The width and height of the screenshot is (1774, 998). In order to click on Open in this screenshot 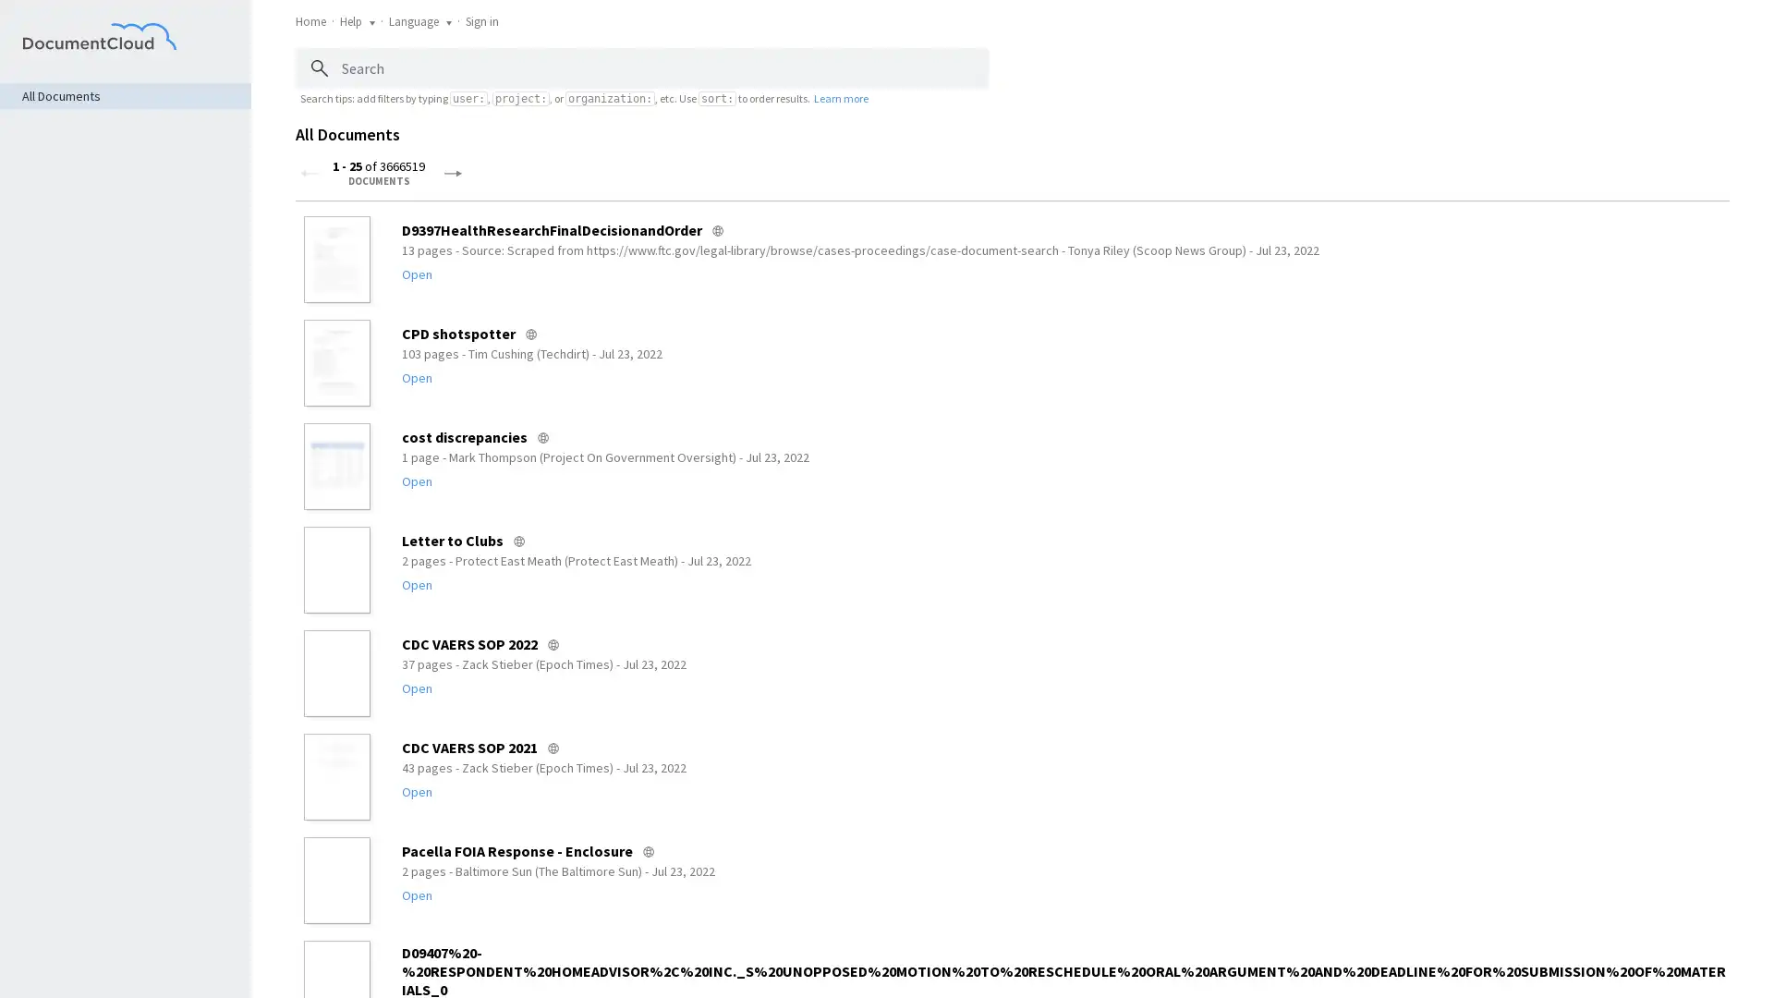, I will do `click(416, 376)`.